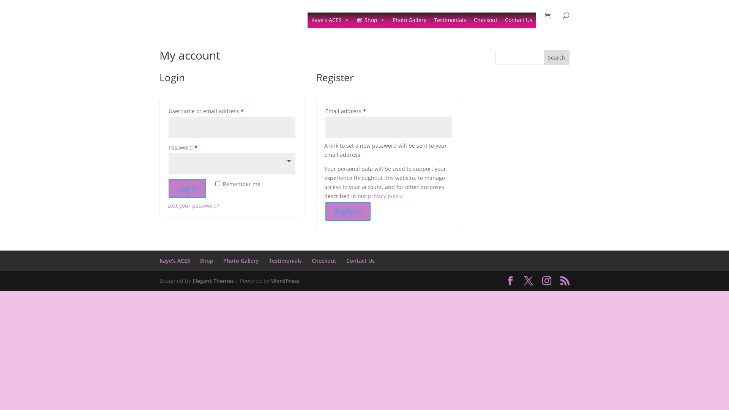 The width and height of the screenshot is (729, 410). I want to click on 'privacy policy', so click(385, 196).